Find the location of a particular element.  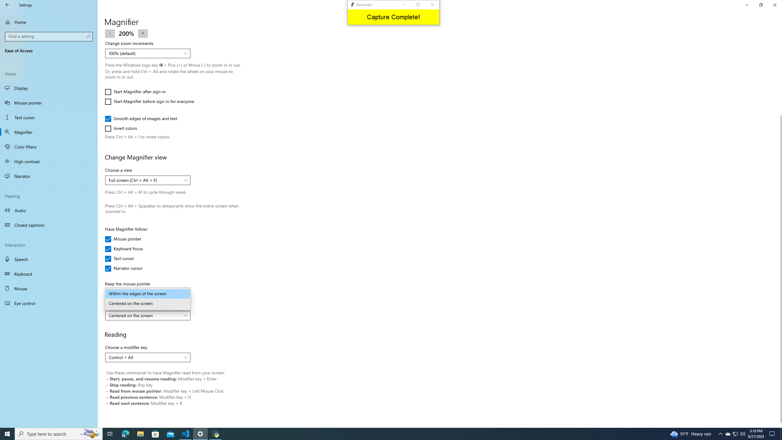

'Start Magnifier after sign-in' is located at coordinates (135, 91).